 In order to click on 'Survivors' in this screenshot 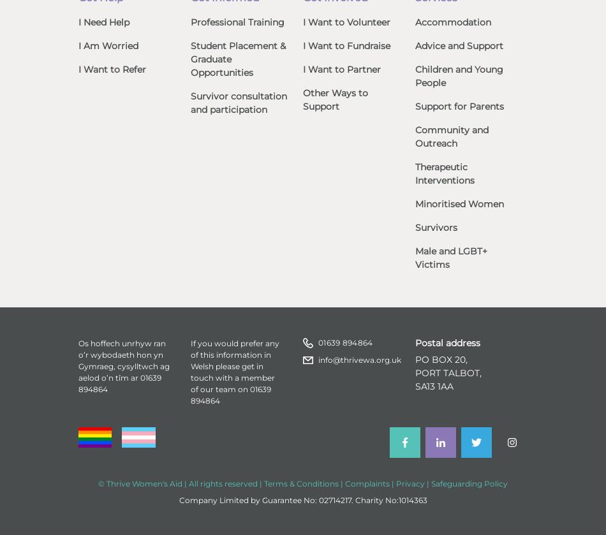, I will do `click(436, 226)`.